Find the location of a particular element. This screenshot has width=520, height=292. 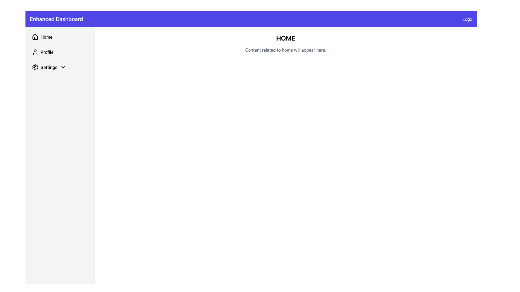

the 'Logo' text label displayed in white font color on a purple background, located in the top right corner of the header bar is located at coordinates (467, 19).